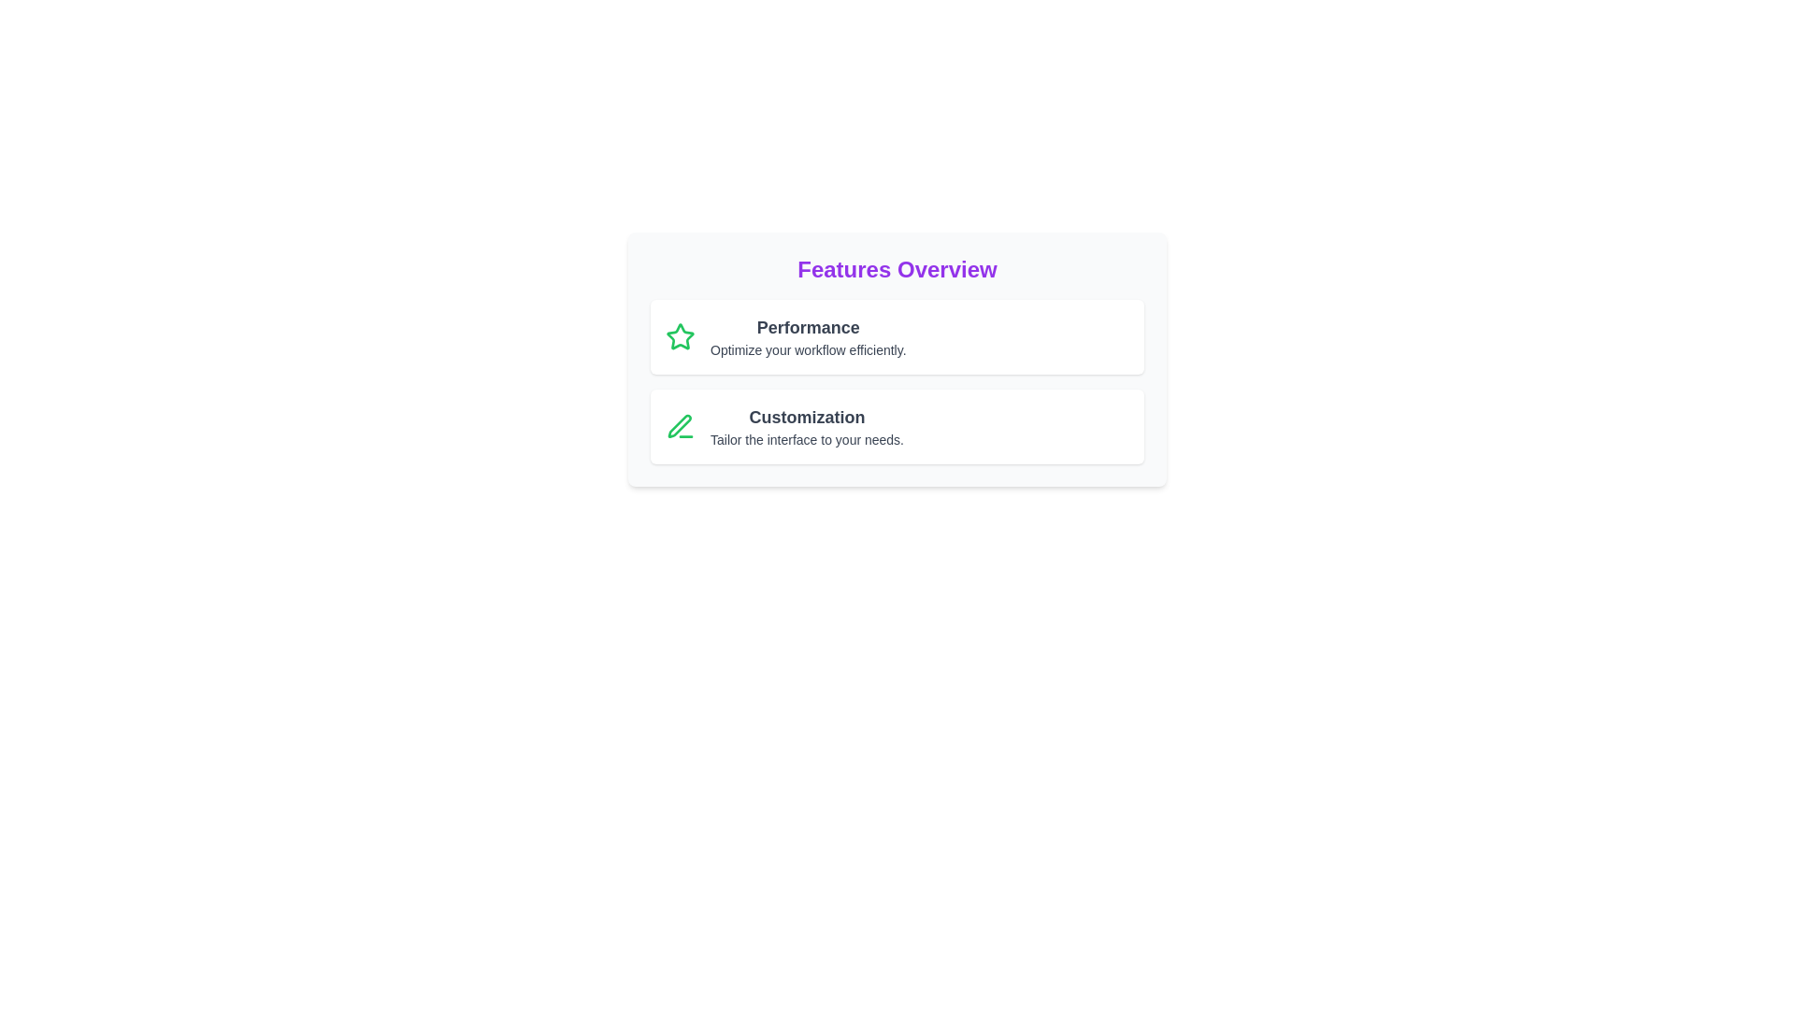 This screenshot has width=1795, height=1009. I want to click on the Static text element titled 'Customization' which provides a description of the feature, located in the second row under 'Features Overview', so click(807, 426).